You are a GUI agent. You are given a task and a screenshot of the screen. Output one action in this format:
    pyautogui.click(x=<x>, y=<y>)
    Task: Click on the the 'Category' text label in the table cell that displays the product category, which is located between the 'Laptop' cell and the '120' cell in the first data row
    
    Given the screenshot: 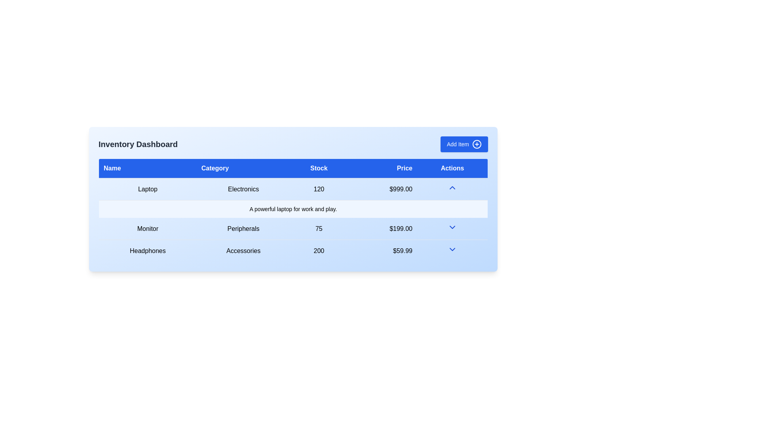 What is the action you would take?
    pyautogui.click(x=243, y=189)
    